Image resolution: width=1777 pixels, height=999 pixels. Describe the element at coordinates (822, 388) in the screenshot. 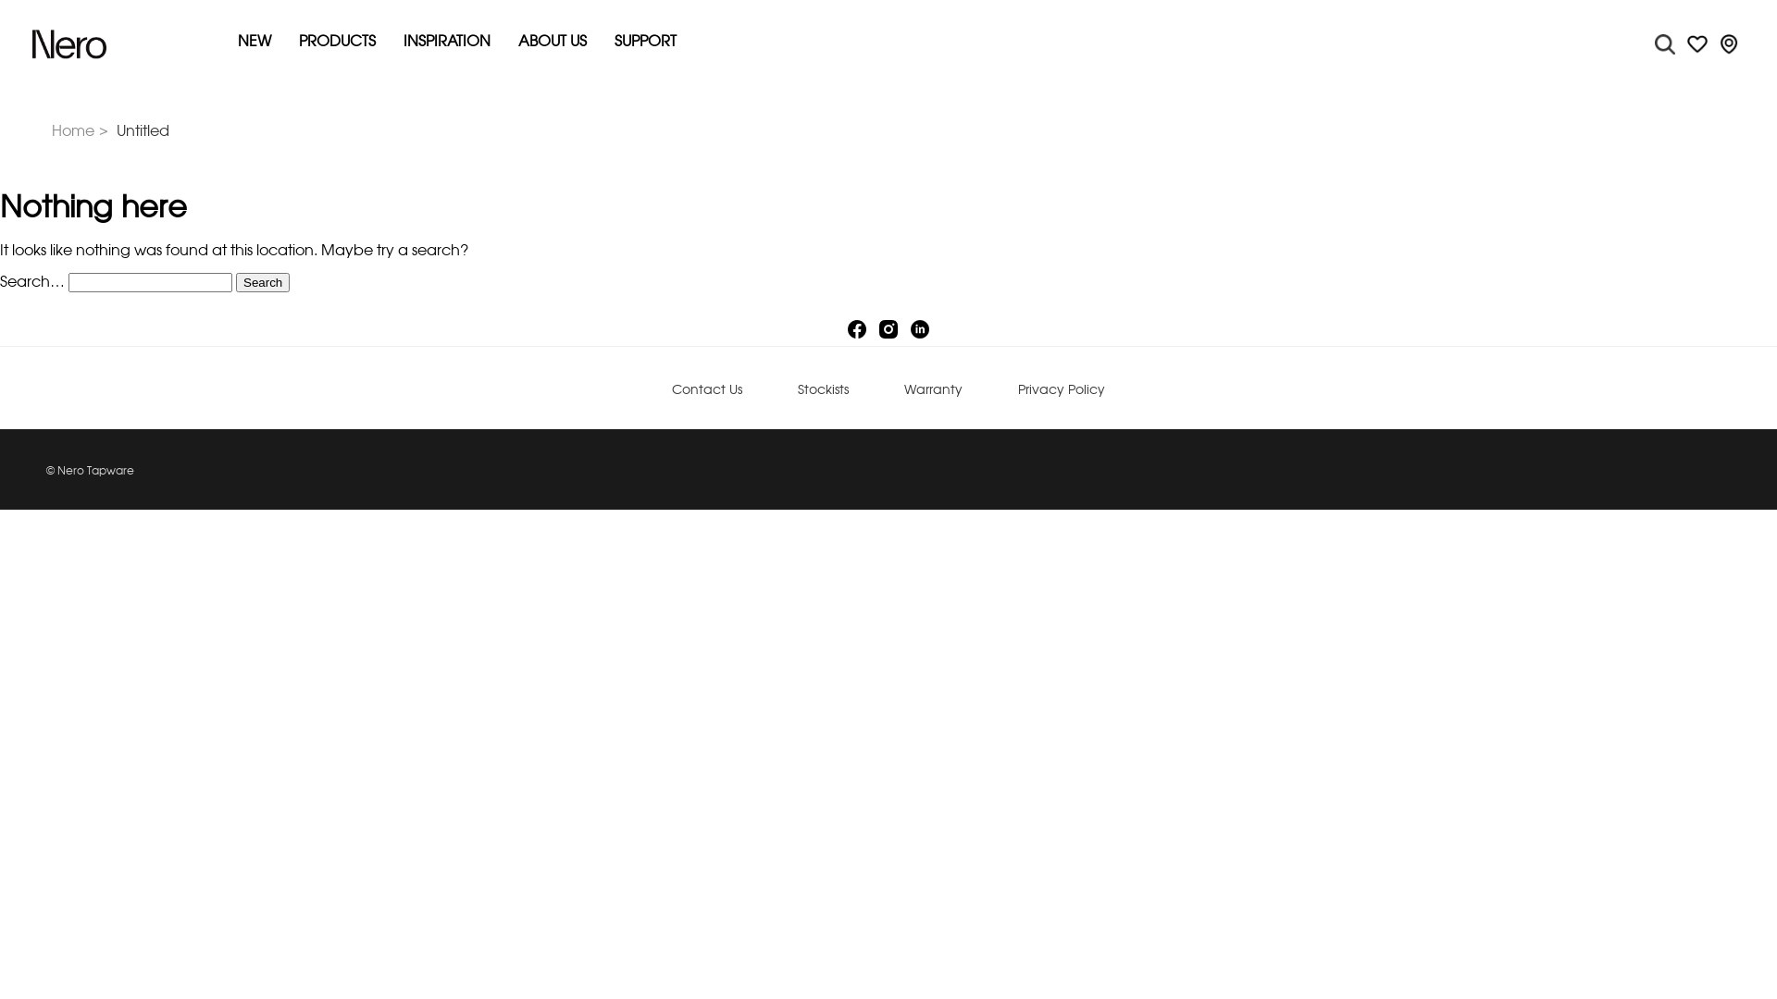

I see `'Stockists'` at that location.